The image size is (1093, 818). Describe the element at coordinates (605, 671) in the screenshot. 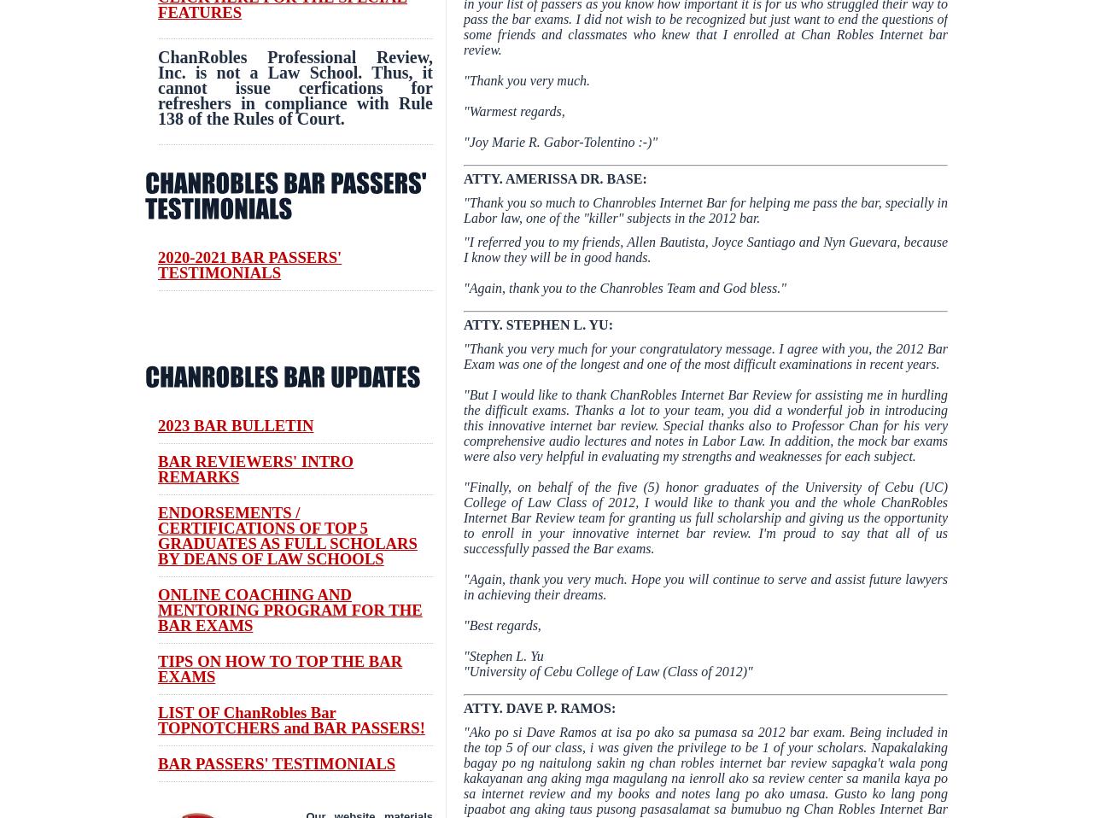

I see `'"University of Cebu College of Law (Class of 2012)'` at that location.